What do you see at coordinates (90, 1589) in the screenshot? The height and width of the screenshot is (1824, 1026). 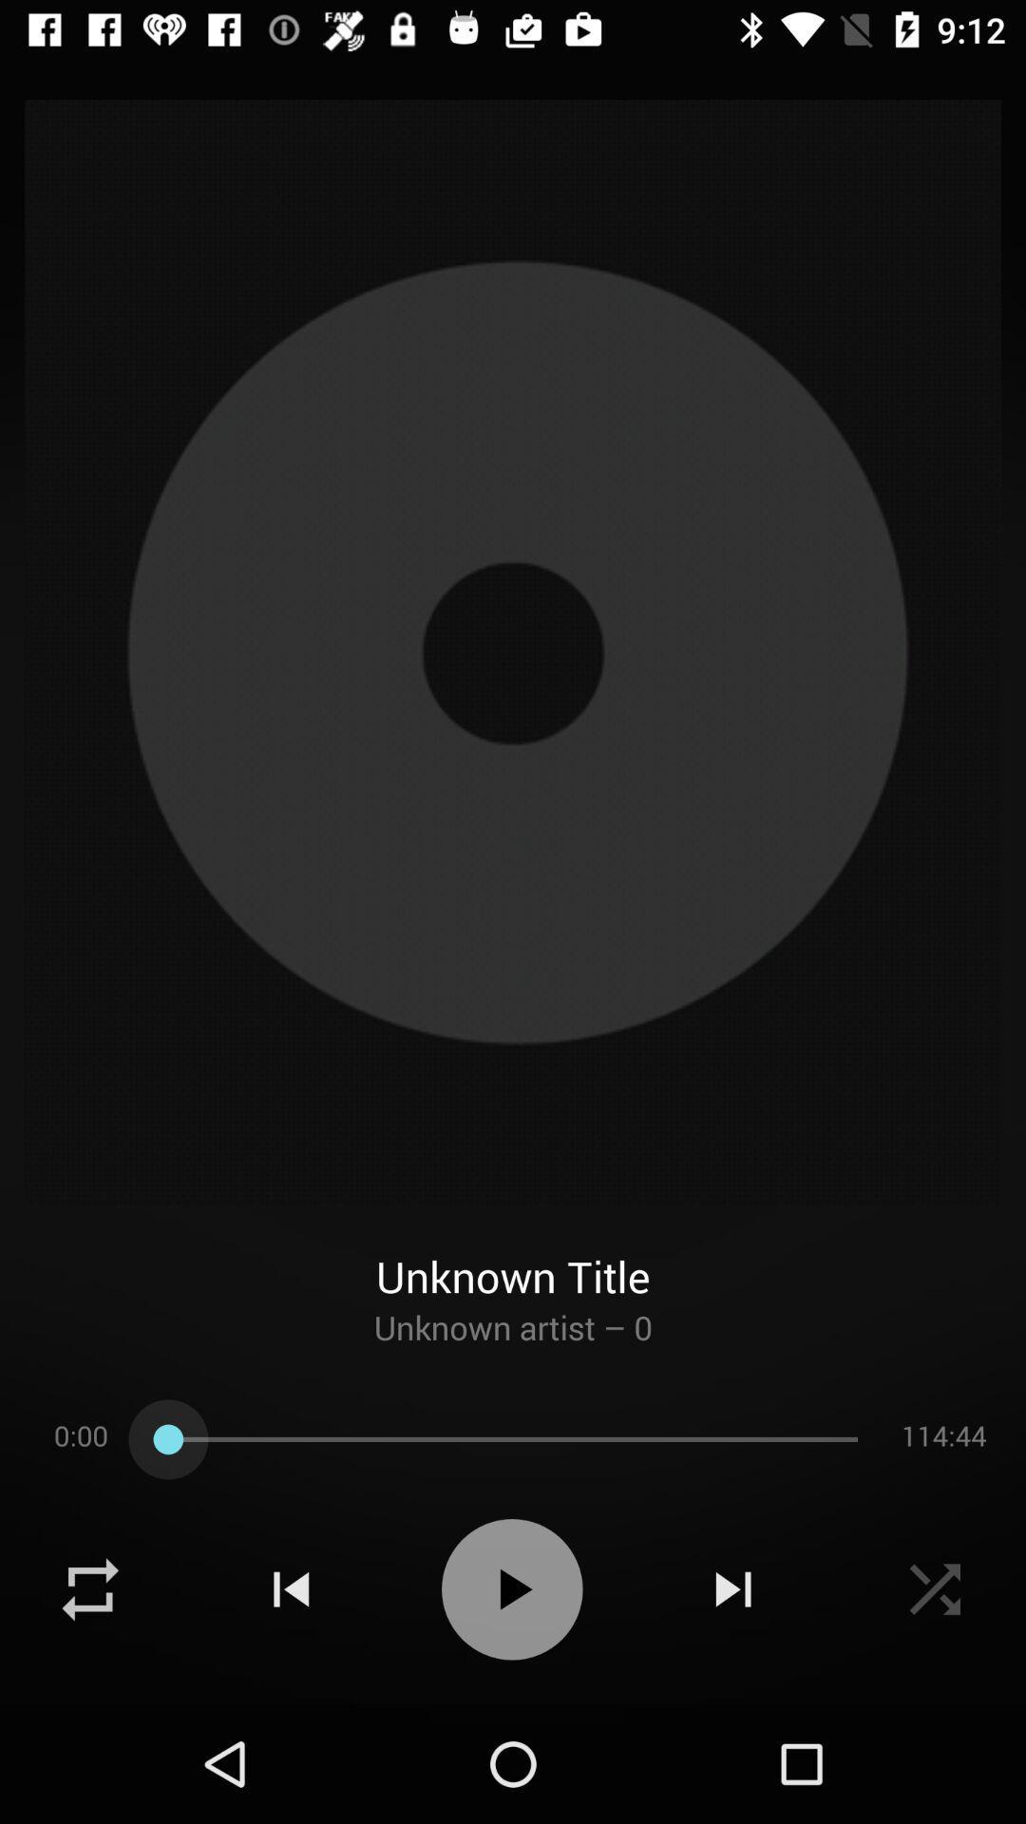 I see `click on the shuffle symbol` at bounding box center [90, 1589].